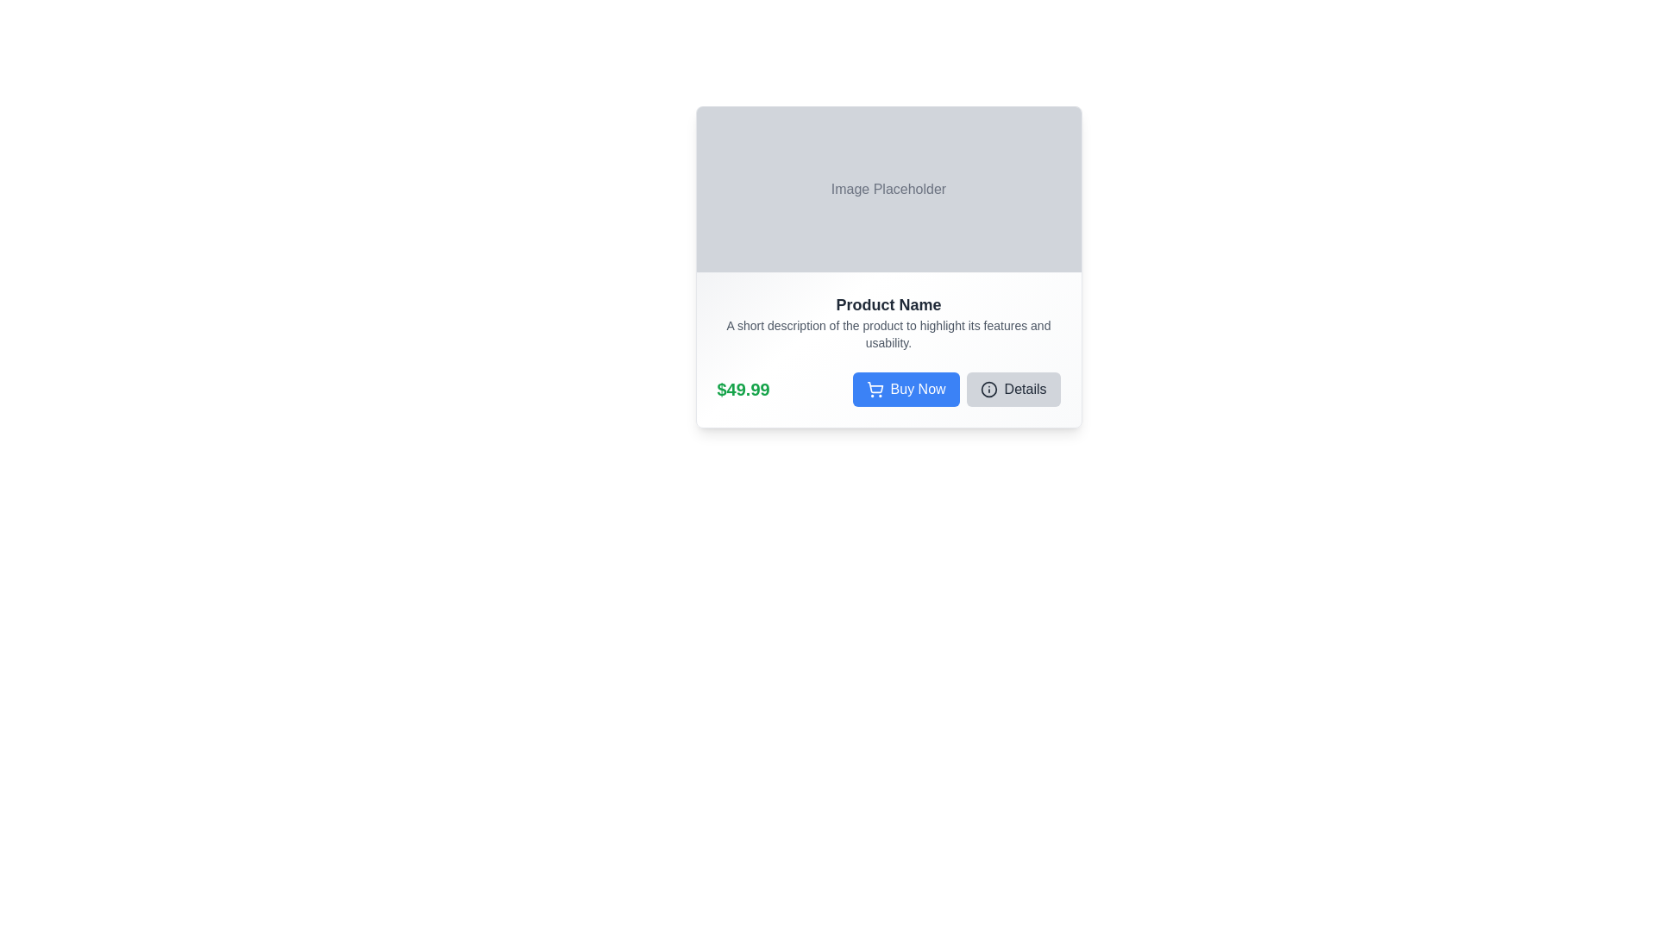  I want to click on the light gray textual description located under the 'Product Name' title in the product information section, so click(888, 334).